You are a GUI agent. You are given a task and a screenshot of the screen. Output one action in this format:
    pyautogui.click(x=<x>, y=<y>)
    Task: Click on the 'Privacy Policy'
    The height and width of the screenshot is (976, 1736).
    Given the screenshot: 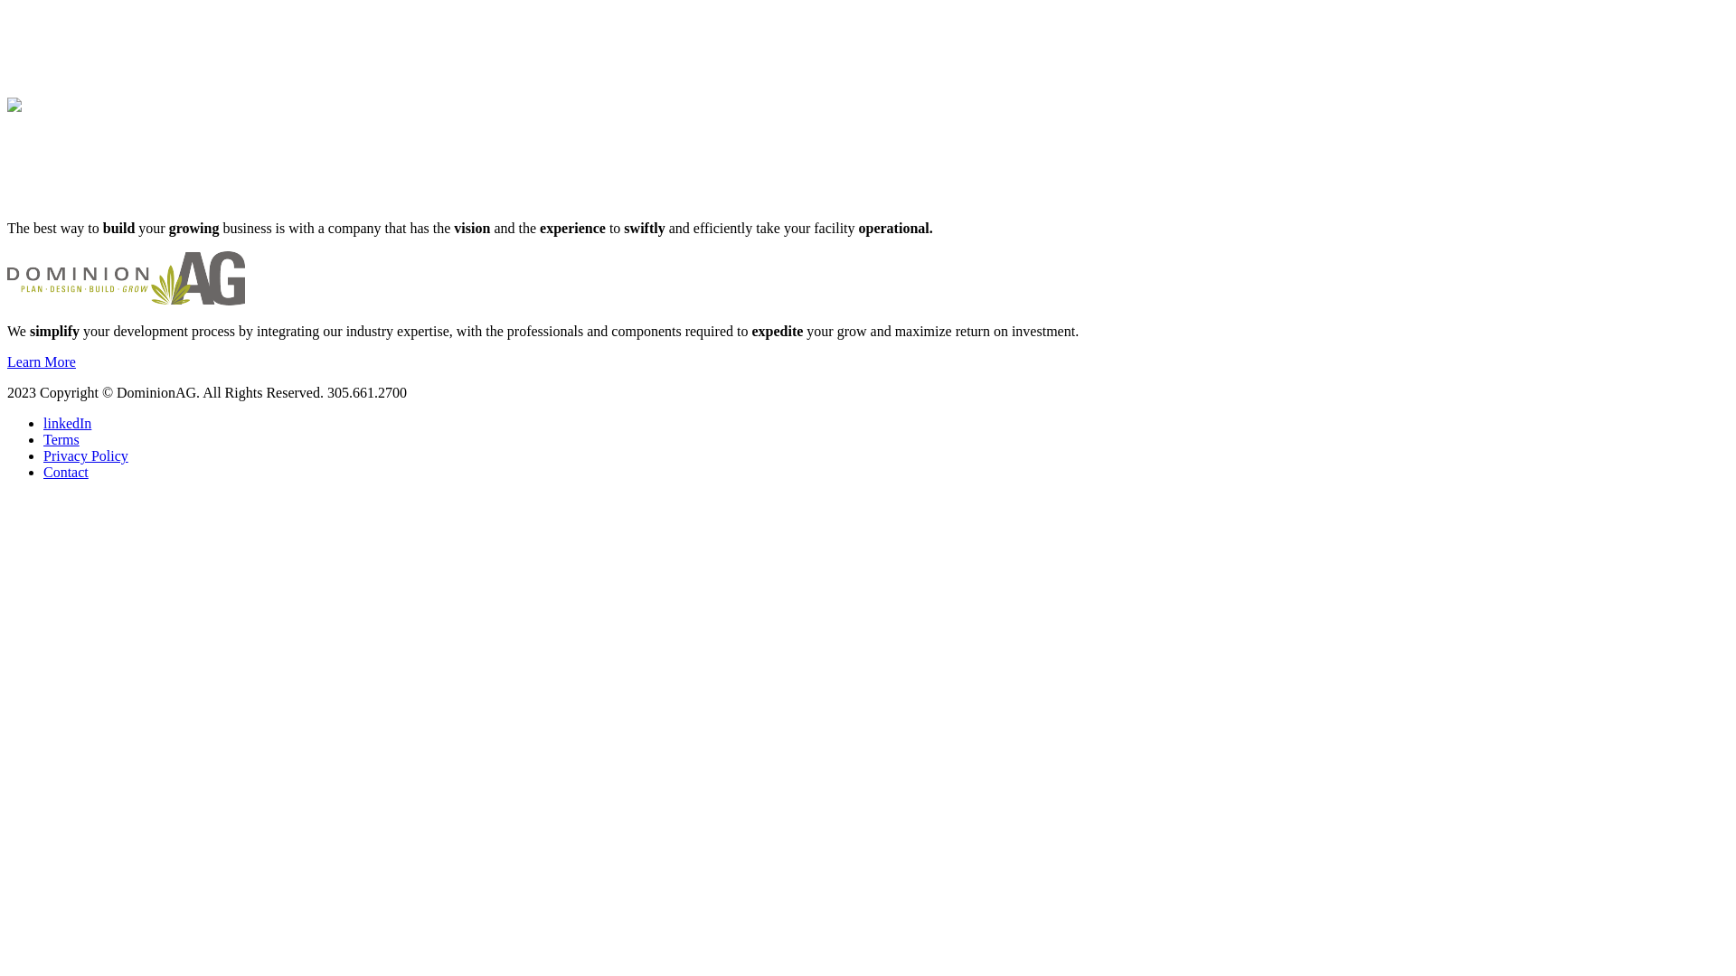 What is the action you would take?
    pyautogui.click(x=85, y=455)
    